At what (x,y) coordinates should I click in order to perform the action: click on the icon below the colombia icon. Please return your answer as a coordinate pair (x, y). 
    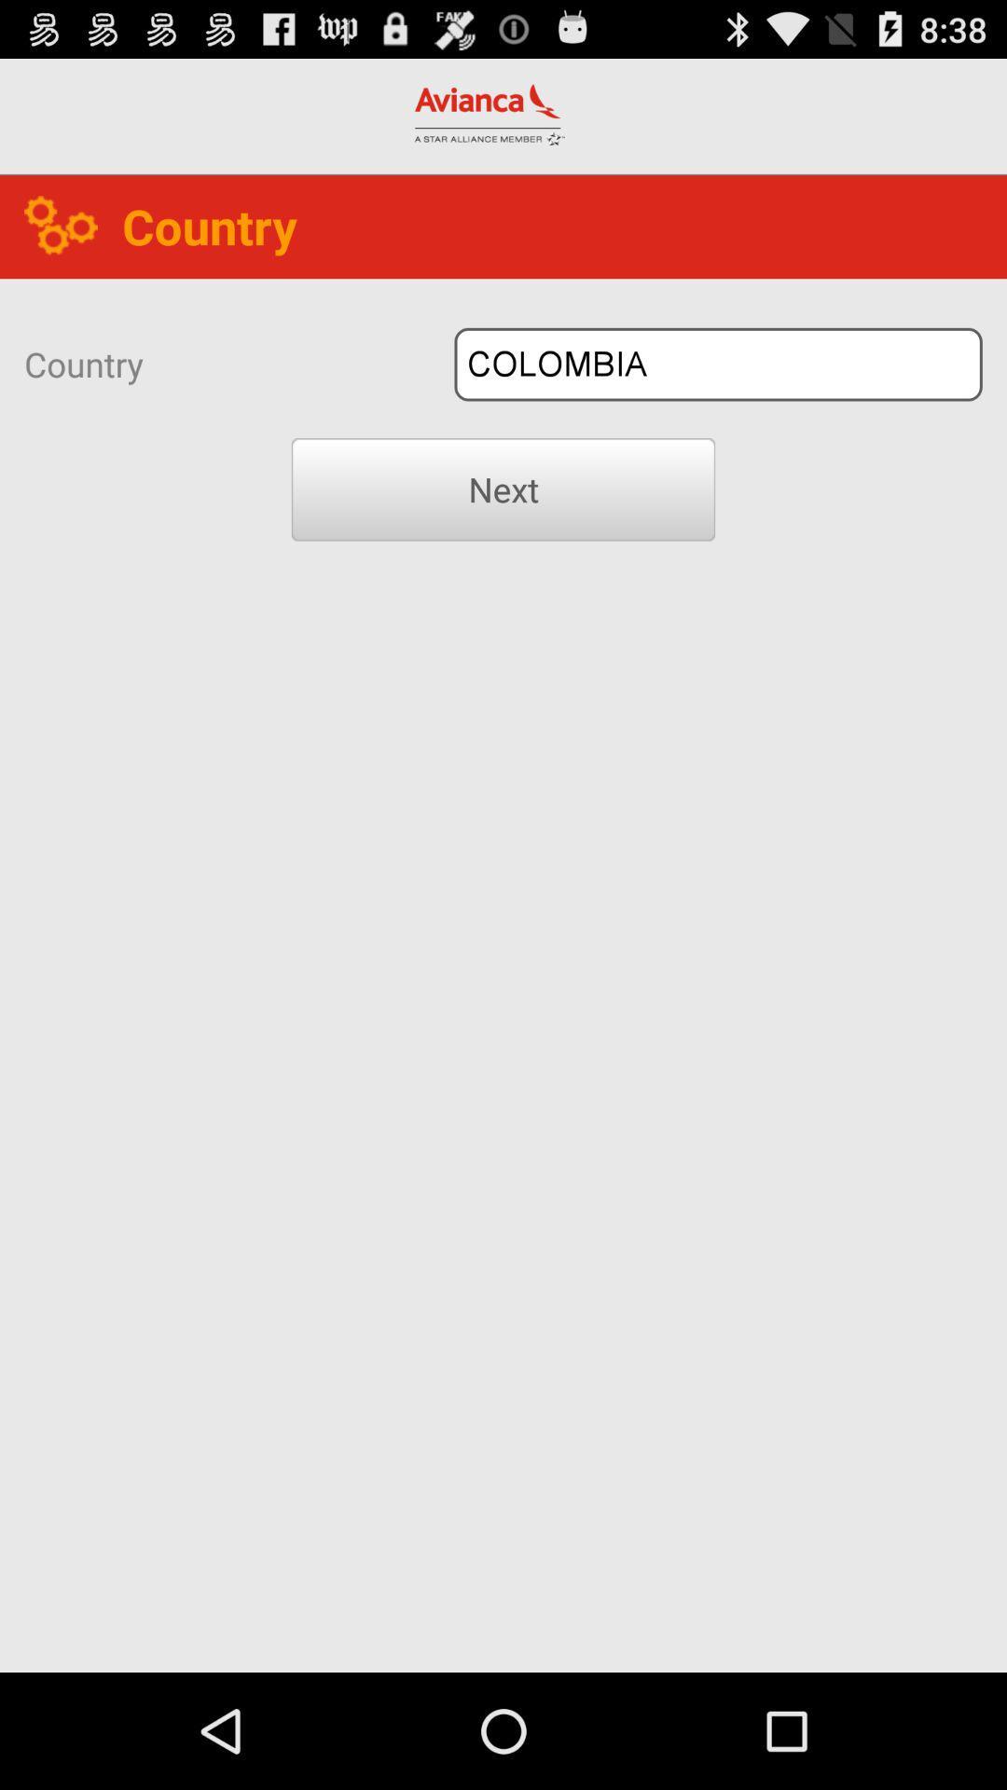
    Looking at the image, I should click on (504, 489).